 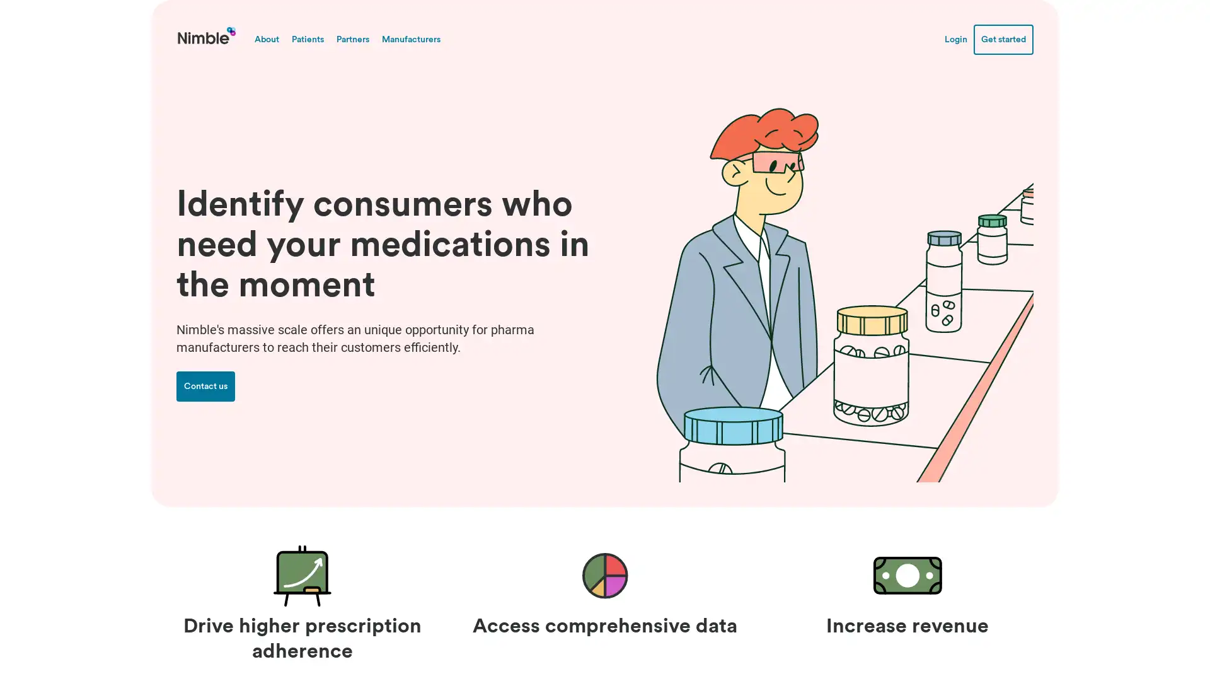 I want to click on Partners, so click(x=353, y=38).